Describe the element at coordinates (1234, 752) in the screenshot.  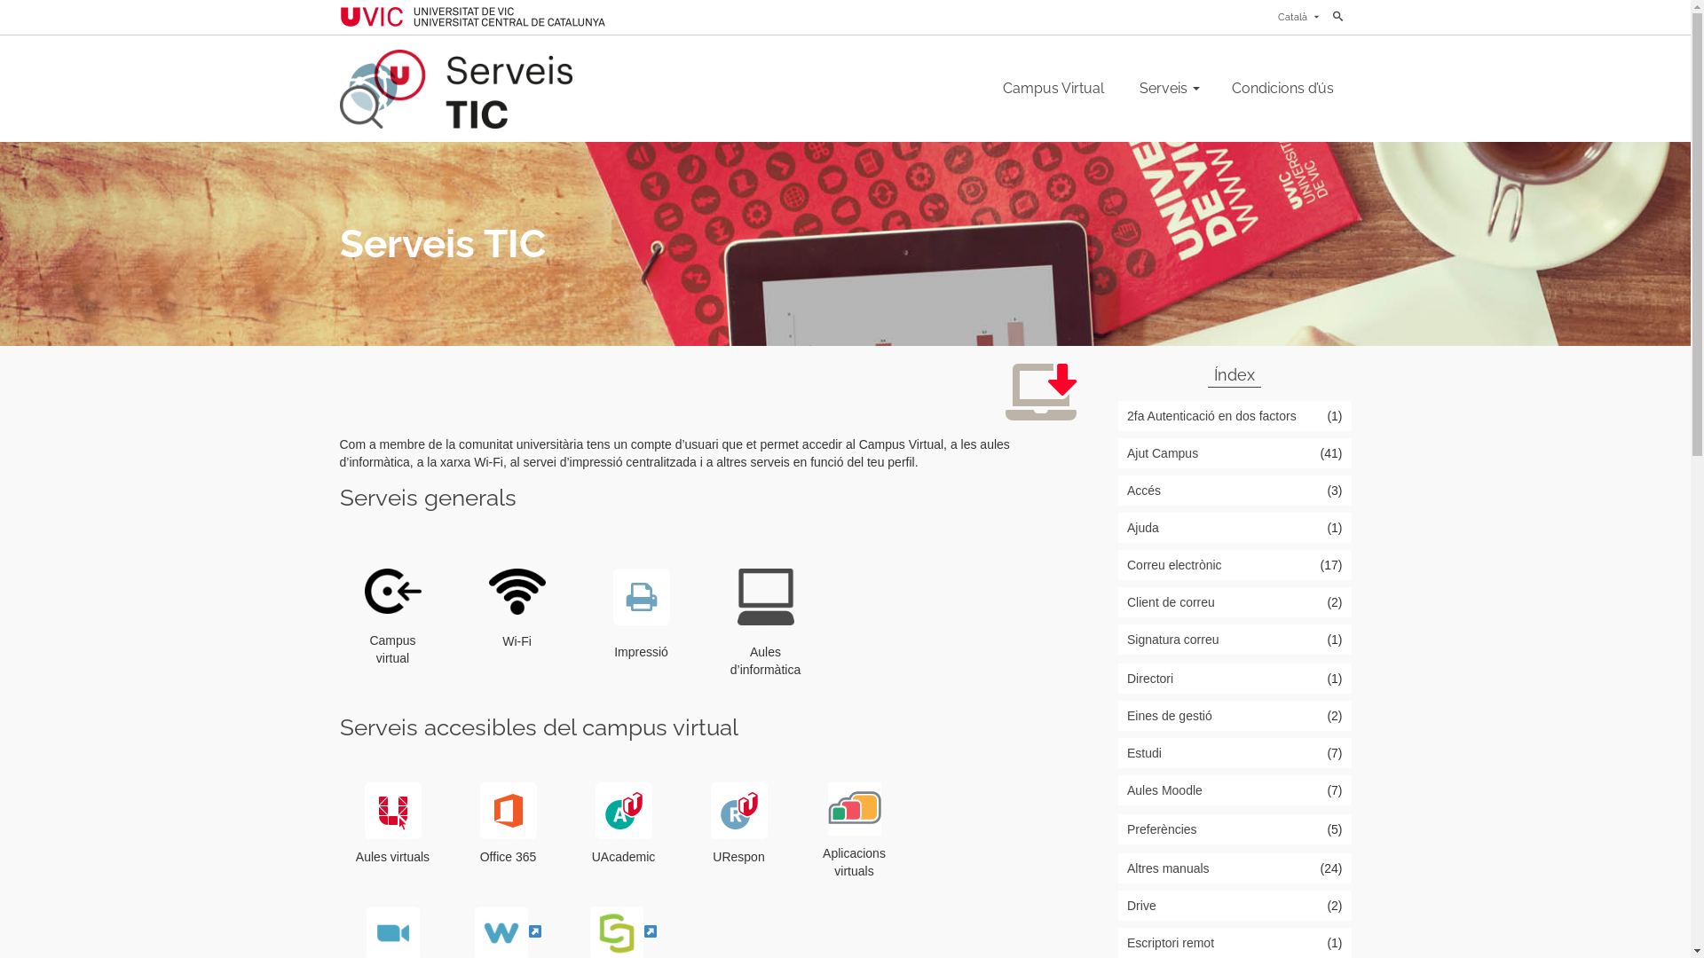
I see `'Estudi'` at that location.